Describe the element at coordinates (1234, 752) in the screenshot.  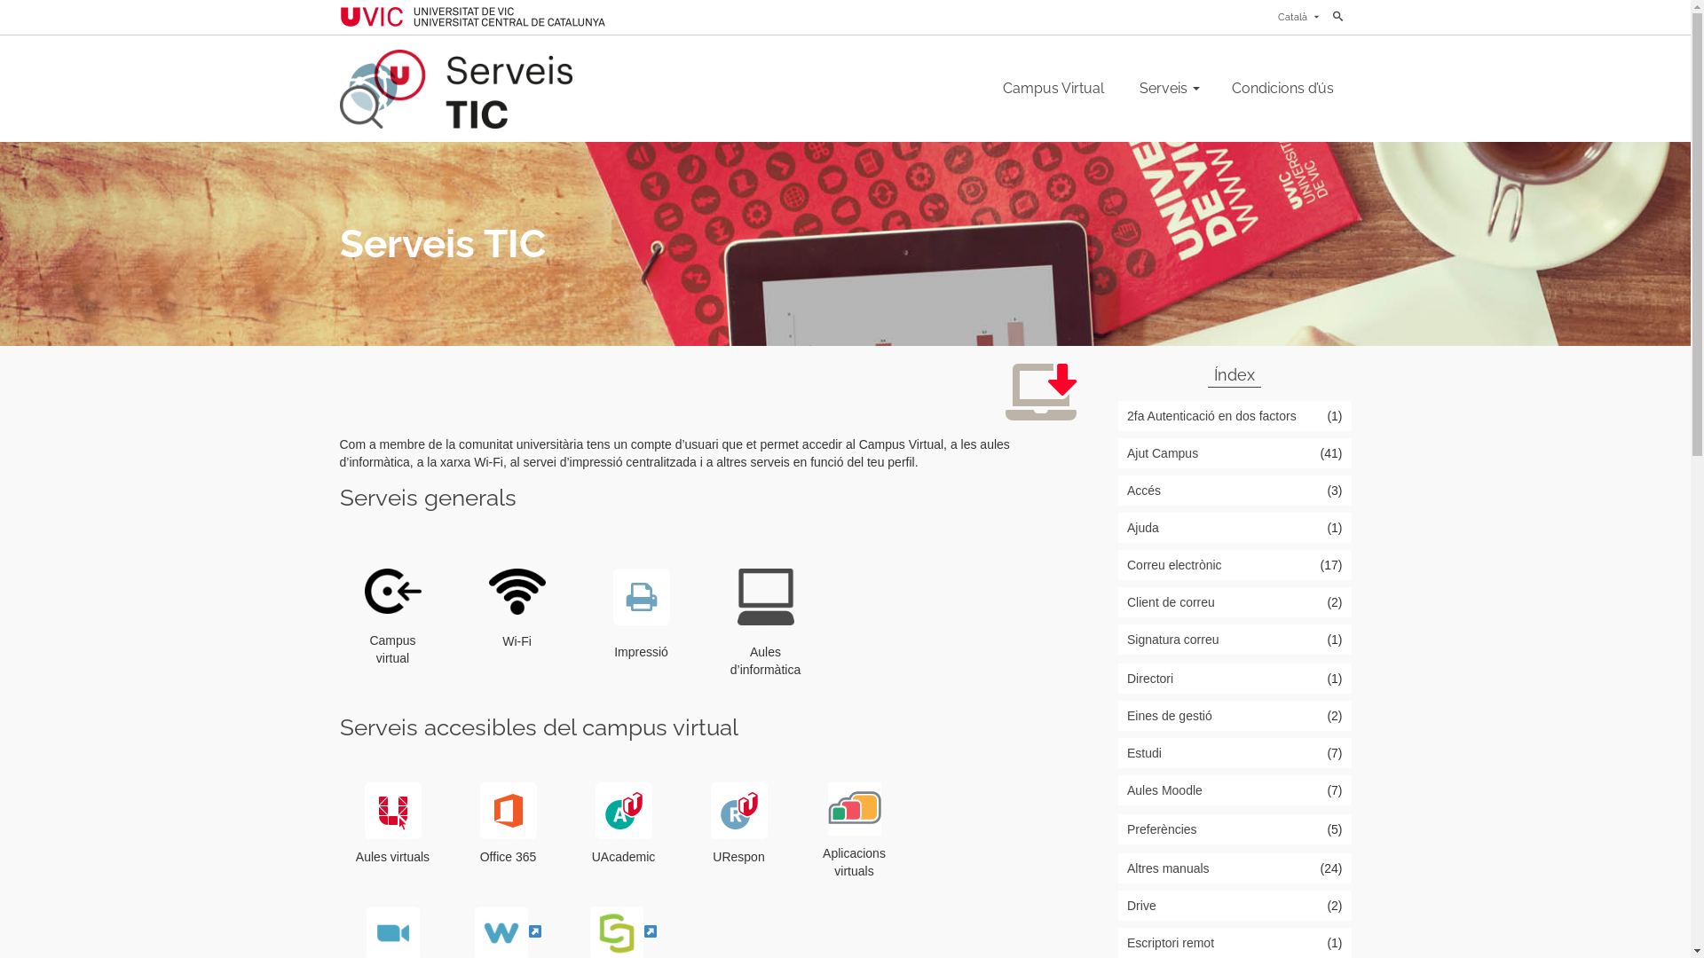
I see `'Estudi'` at that location.